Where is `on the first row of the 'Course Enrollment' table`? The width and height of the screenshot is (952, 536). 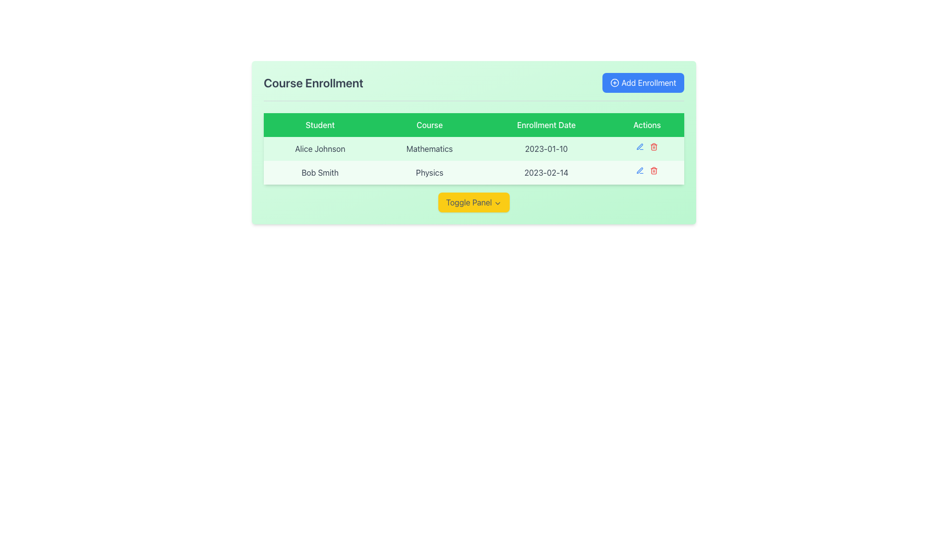
on the first row of the 'Course Enrollment' table is located at coordinates (473, 149).